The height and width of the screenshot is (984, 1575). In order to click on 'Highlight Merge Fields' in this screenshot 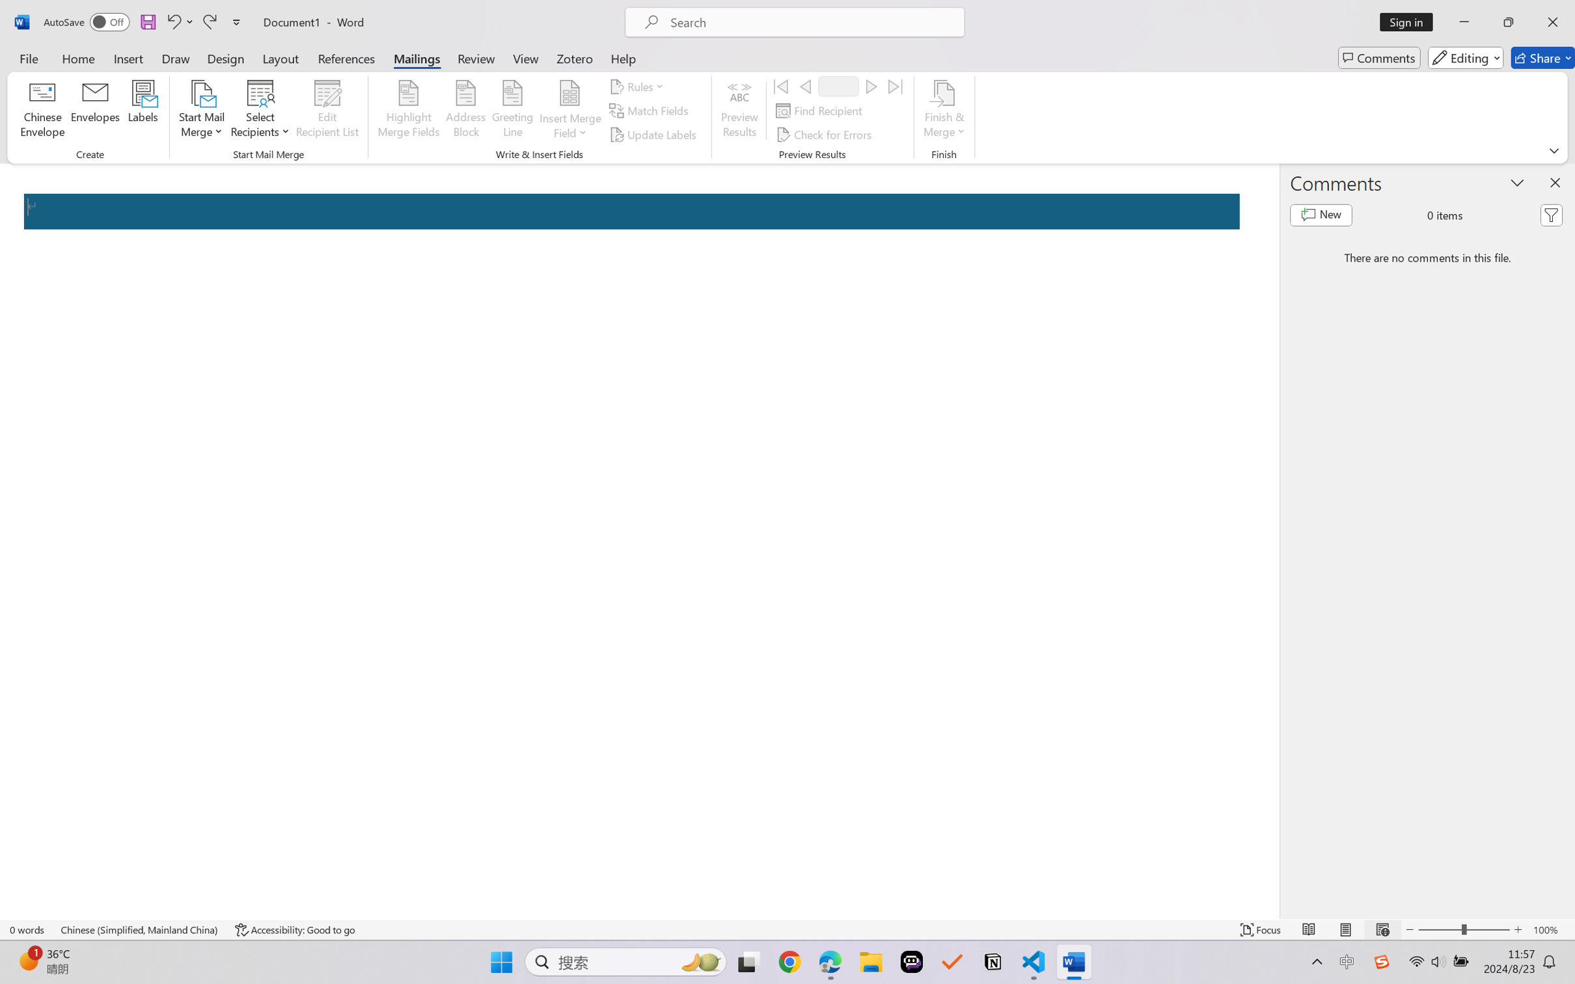, I will do `click(409, 111)`.